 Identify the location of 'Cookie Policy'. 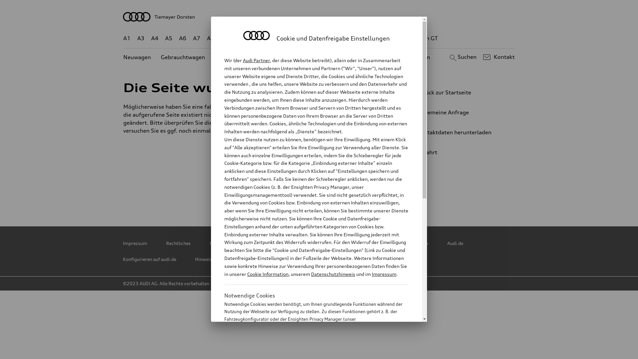
(311, 243).